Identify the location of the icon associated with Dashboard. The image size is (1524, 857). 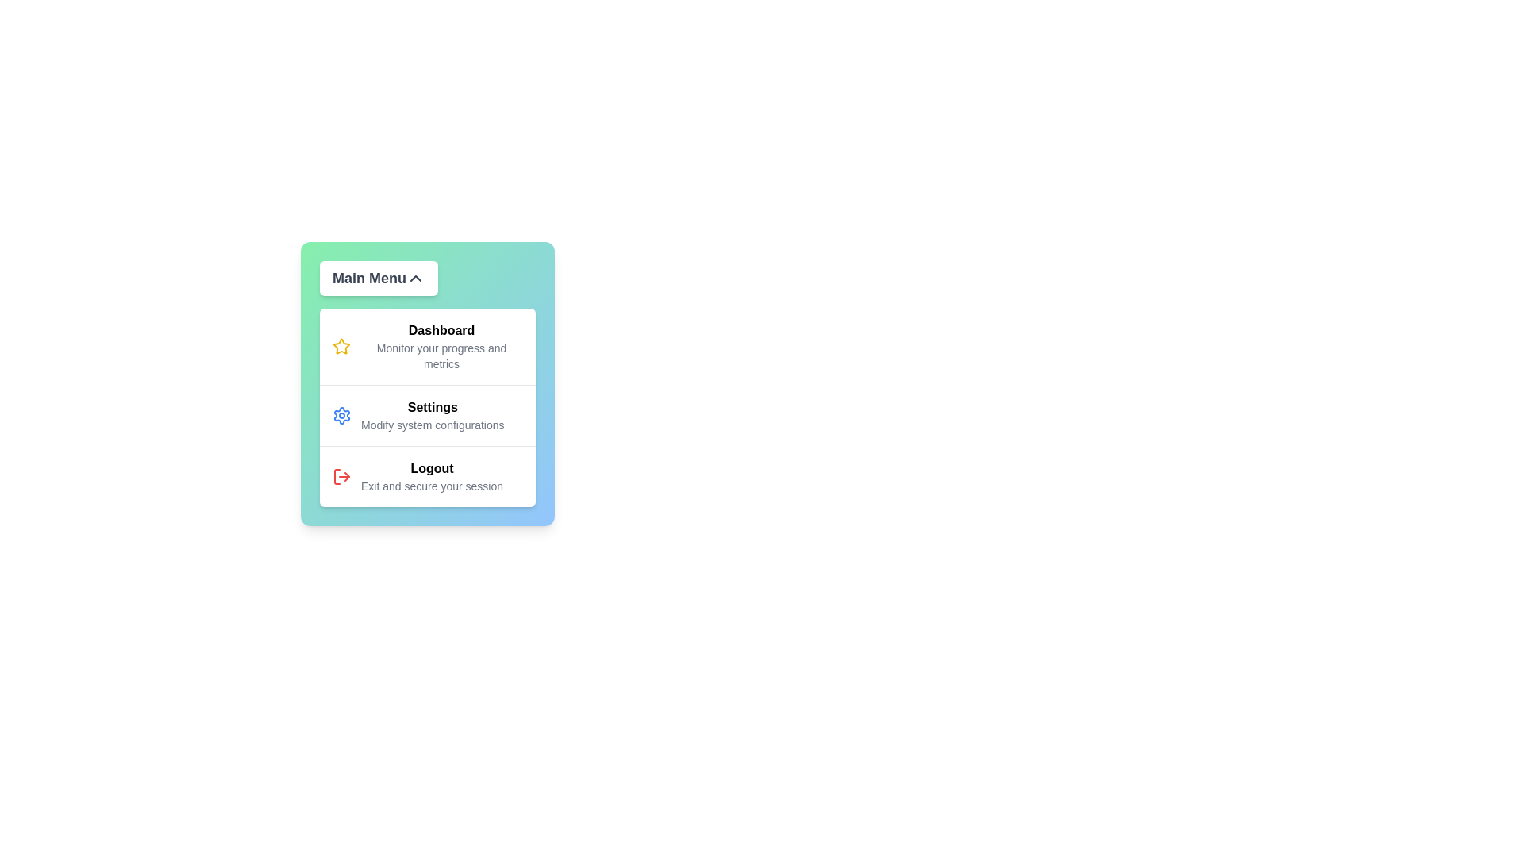
(341, 345).